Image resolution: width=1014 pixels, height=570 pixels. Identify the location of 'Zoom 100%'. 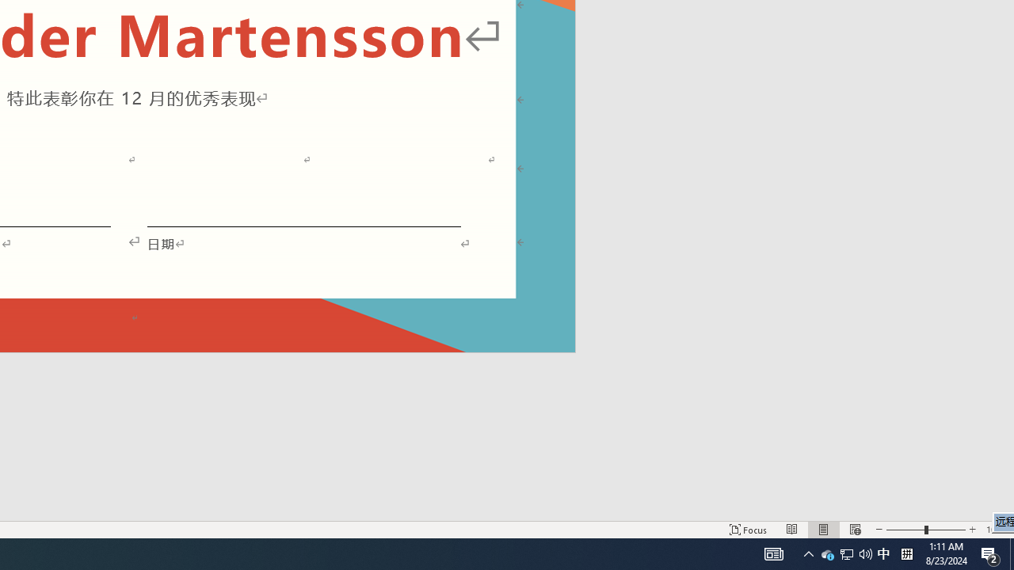
(996, 530).